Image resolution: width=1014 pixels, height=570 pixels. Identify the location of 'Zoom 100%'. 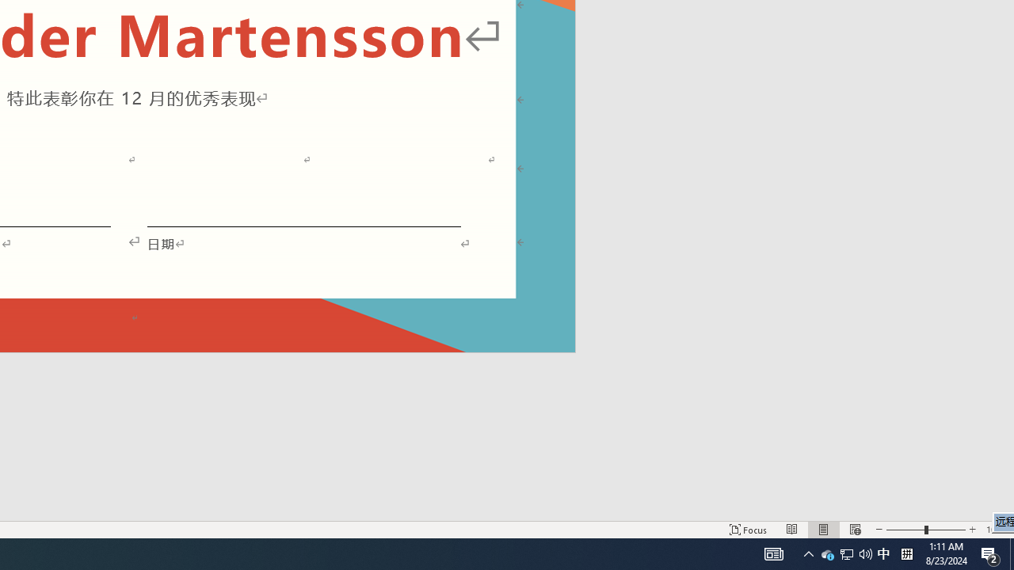
(996, 530).